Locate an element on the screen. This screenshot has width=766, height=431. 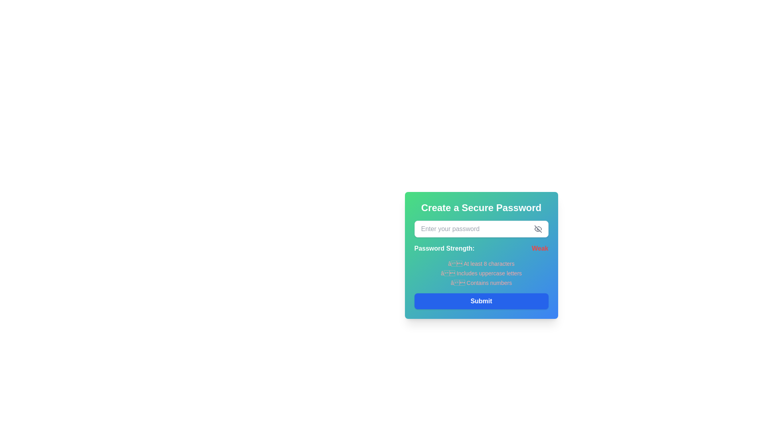
password requirements checklist located directly below the 'Password Strength' indicator, which informs the user about the necessary criteria for creating a secure password is located at coordinates (481, 273).